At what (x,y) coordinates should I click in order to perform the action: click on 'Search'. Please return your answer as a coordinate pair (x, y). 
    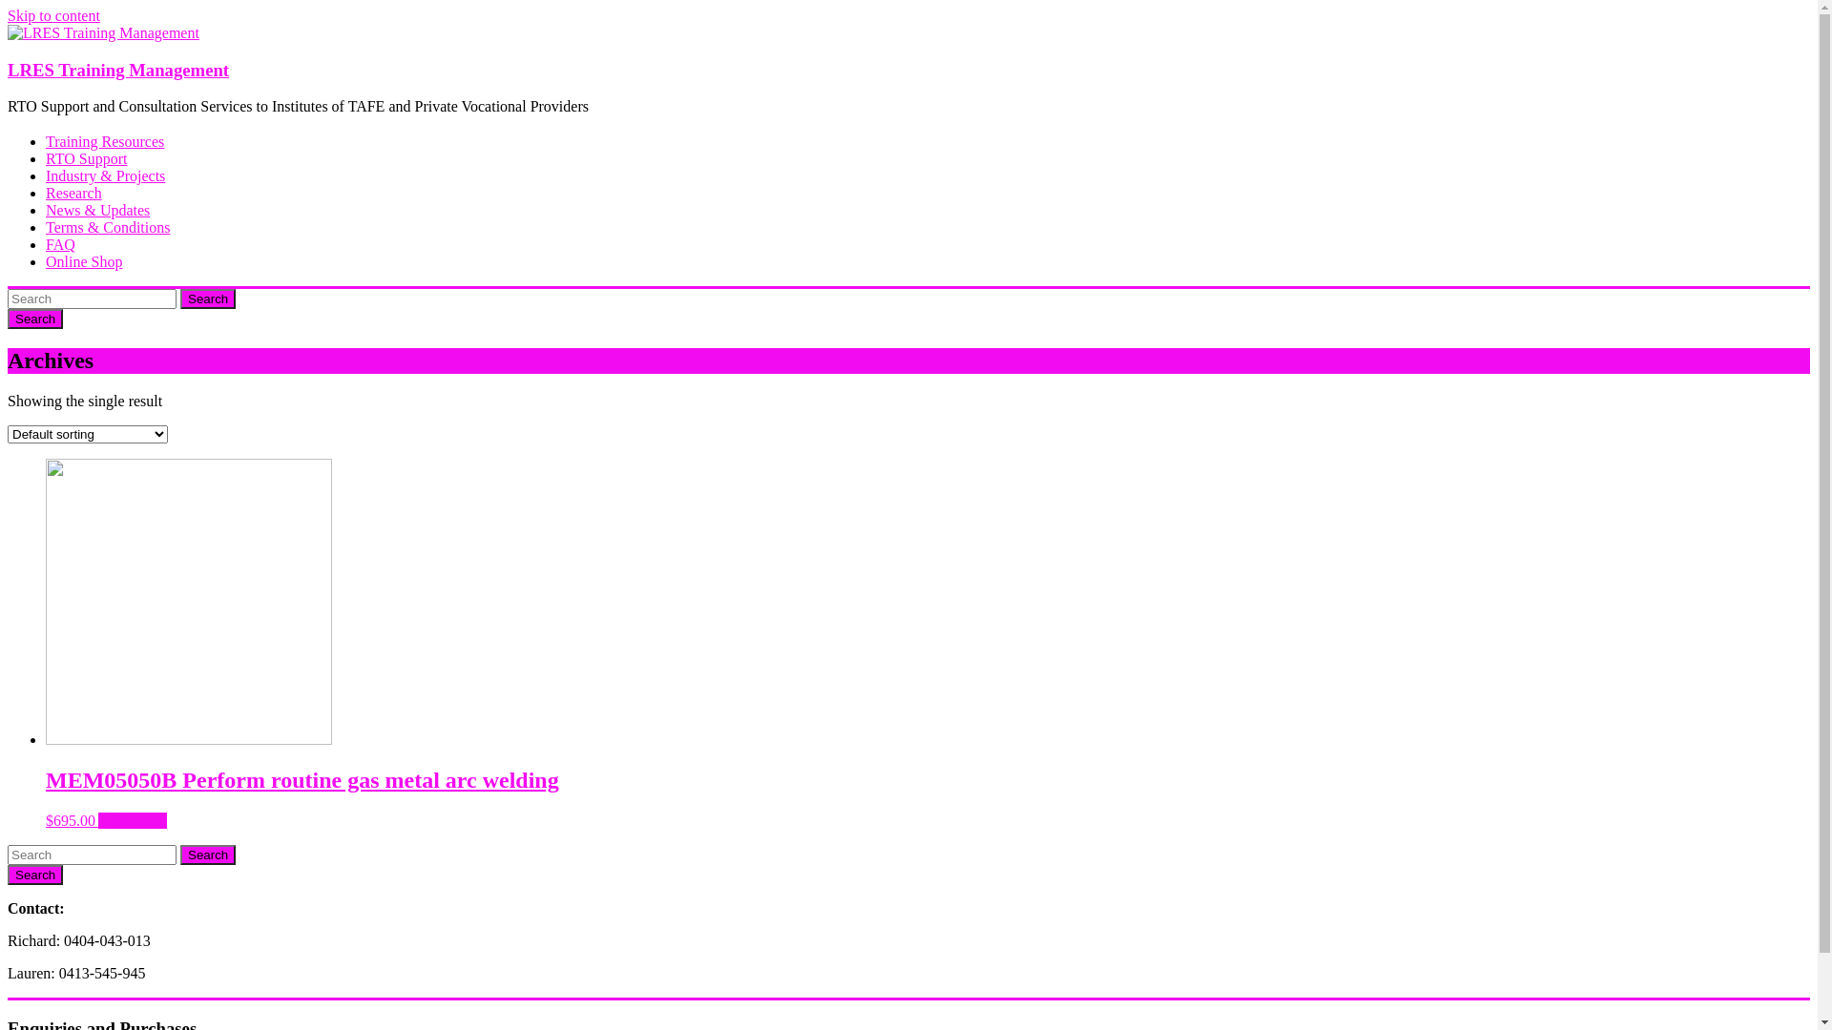
    Looking at the image, I should click on (207, 299).